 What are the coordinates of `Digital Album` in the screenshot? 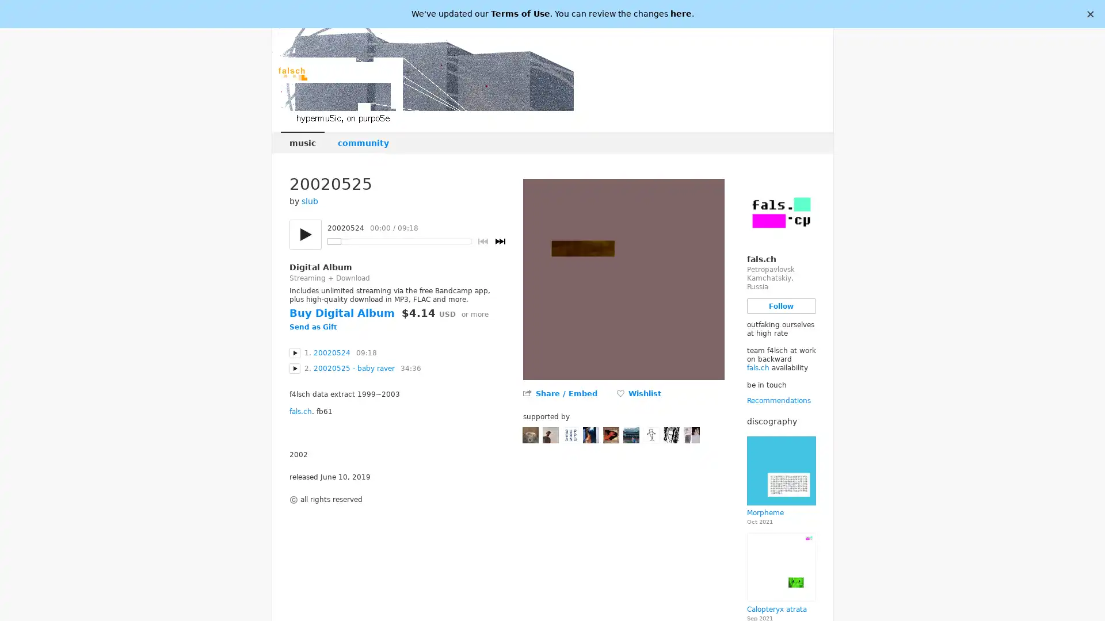 It's located at (320, 267).